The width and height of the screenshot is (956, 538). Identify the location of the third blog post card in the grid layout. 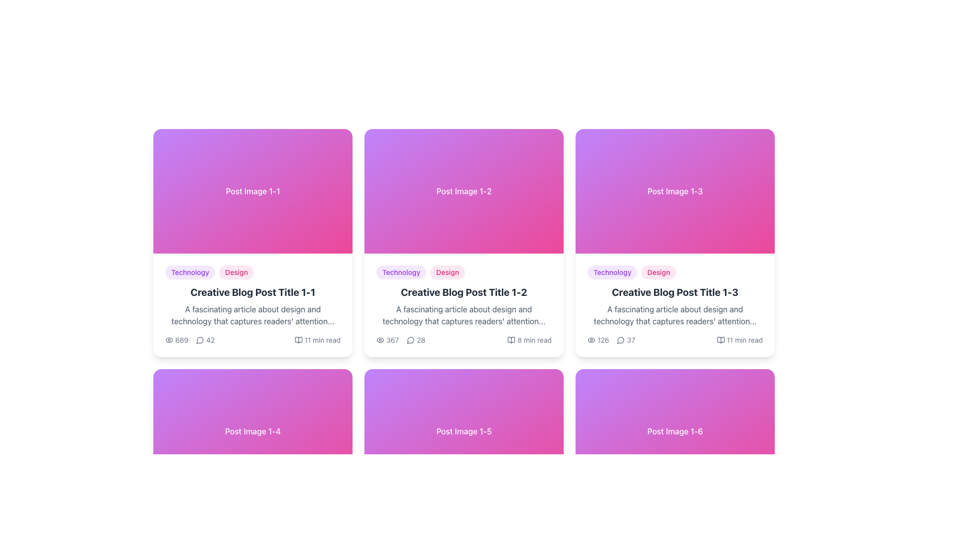
(675, 243).